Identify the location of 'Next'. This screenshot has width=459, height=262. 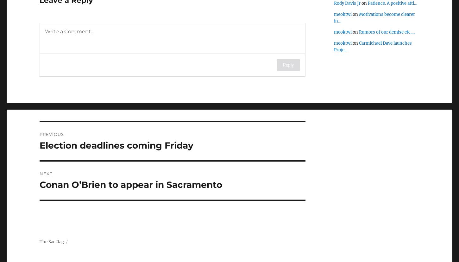
(46, 173).